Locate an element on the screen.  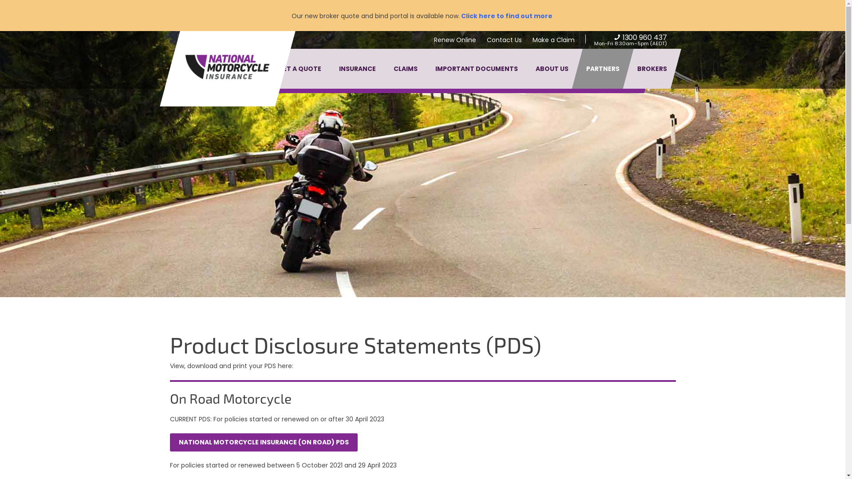
'CLAIMS' is located at coordinates (404, 68).